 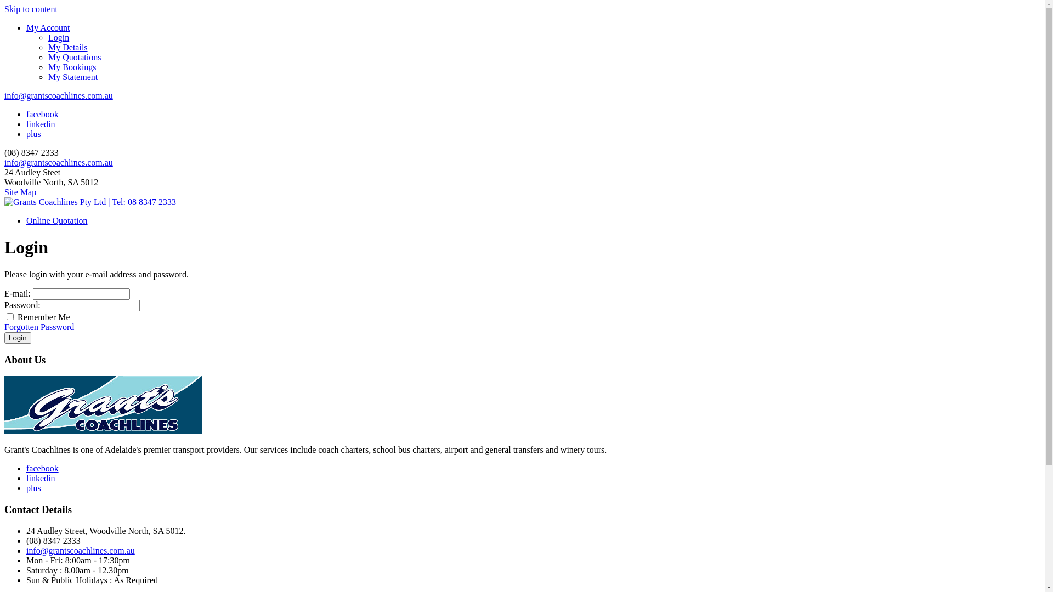 What do you see at coordinates (39, 326) in the screenshot?
I see `'Forgotten Password'` at bounding box center [39, 326].